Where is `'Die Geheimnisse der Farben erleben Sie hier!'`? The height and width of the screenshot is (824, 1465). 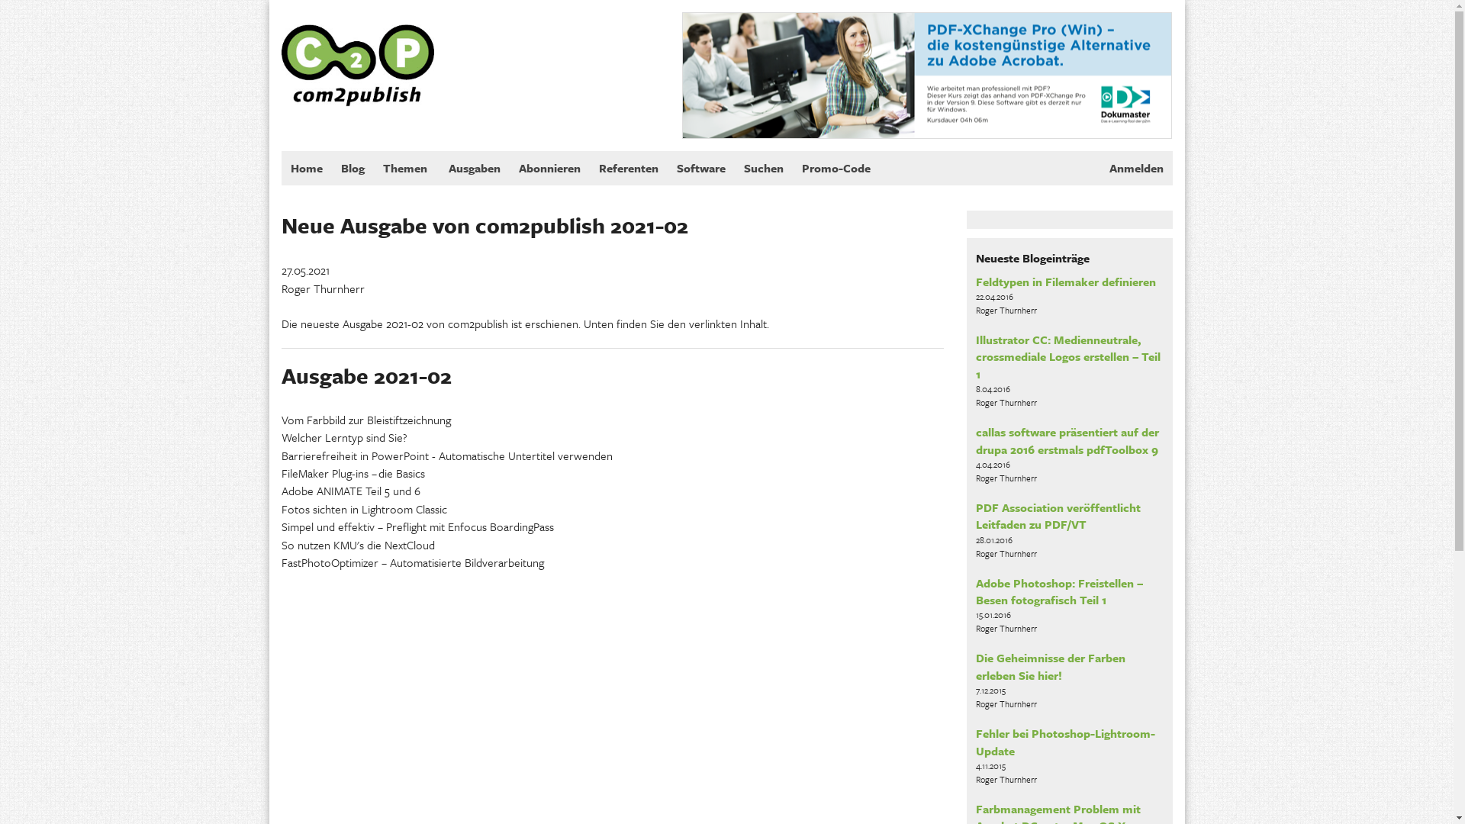
'Die Geheimnisse der Farben erleben Sie hier!' is located at coordinates (1050, 665).